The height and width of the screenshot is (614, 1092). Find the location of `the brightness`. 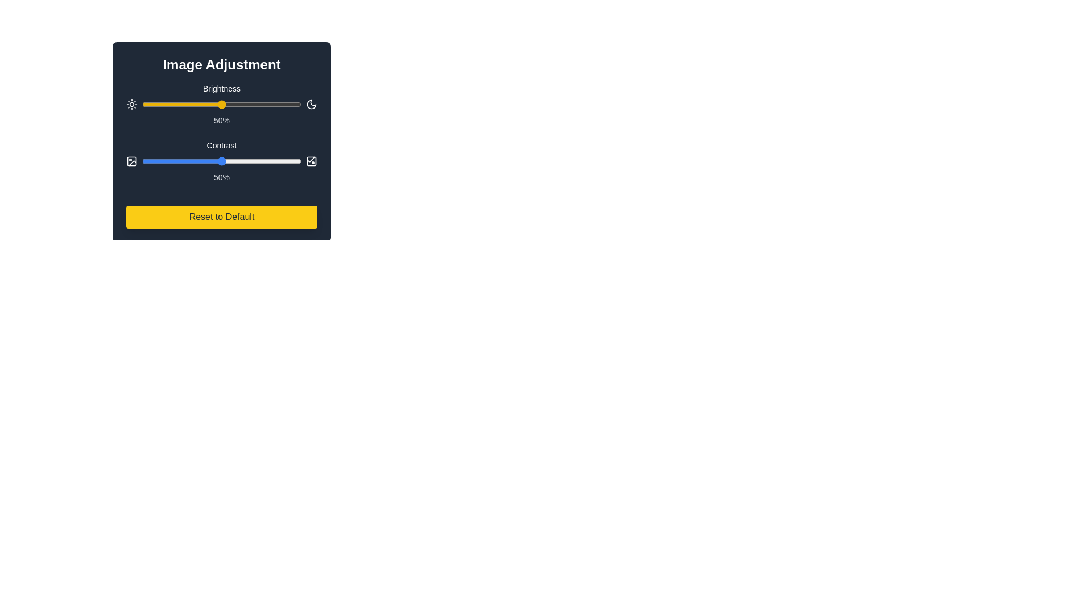

the brightness is located at coordinates (282, 105).